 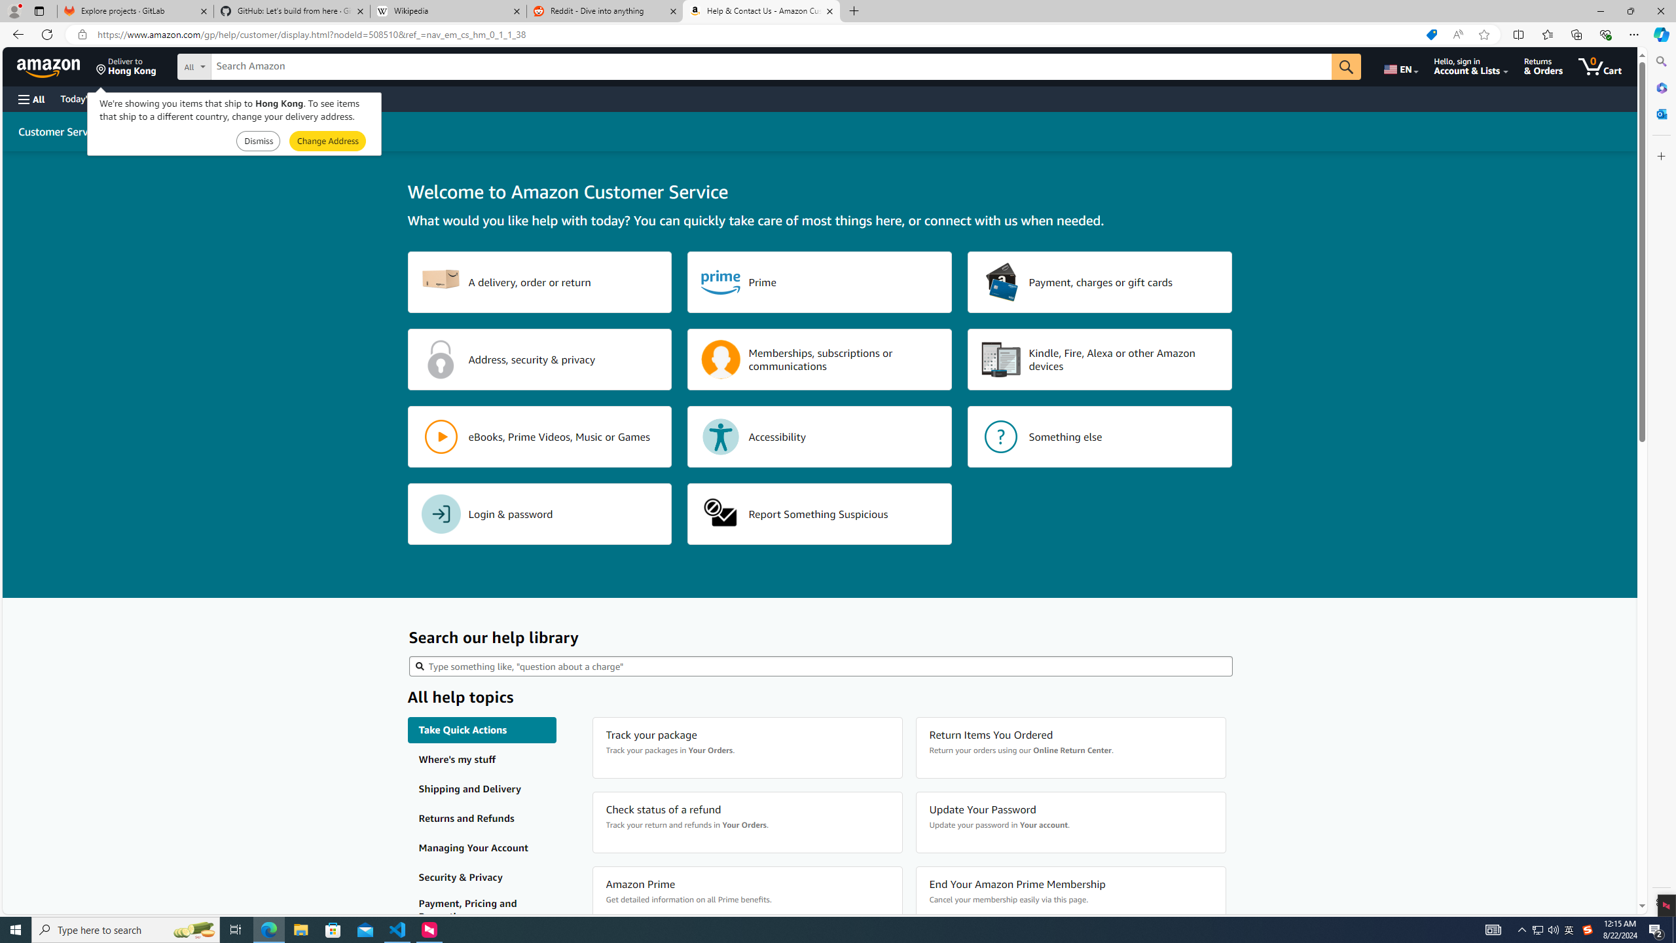 What do you see at coordinates (1099, 282) in the screenshot?
I see `'Payment, charges or gift cards'` at bounding box center [1099, 282].